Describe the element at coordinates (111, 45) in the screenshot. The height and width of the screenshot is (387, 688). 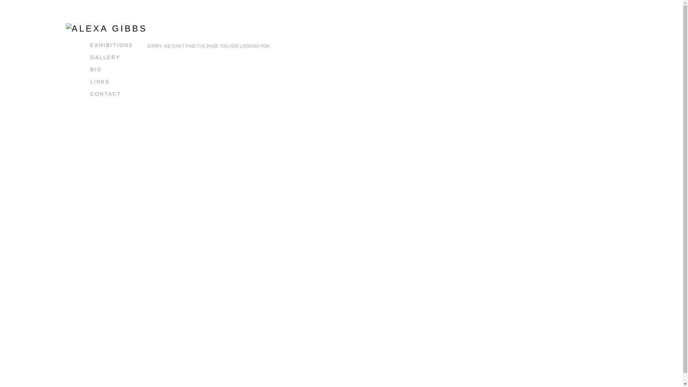
I see `'EXHIBITIONS'` at that location.